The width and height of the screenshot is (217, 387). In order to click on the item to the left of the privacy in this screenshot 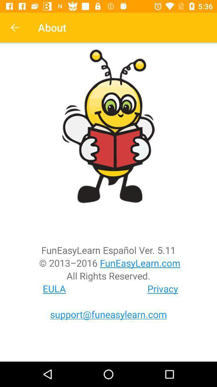, I will do `click(54, 289)`.